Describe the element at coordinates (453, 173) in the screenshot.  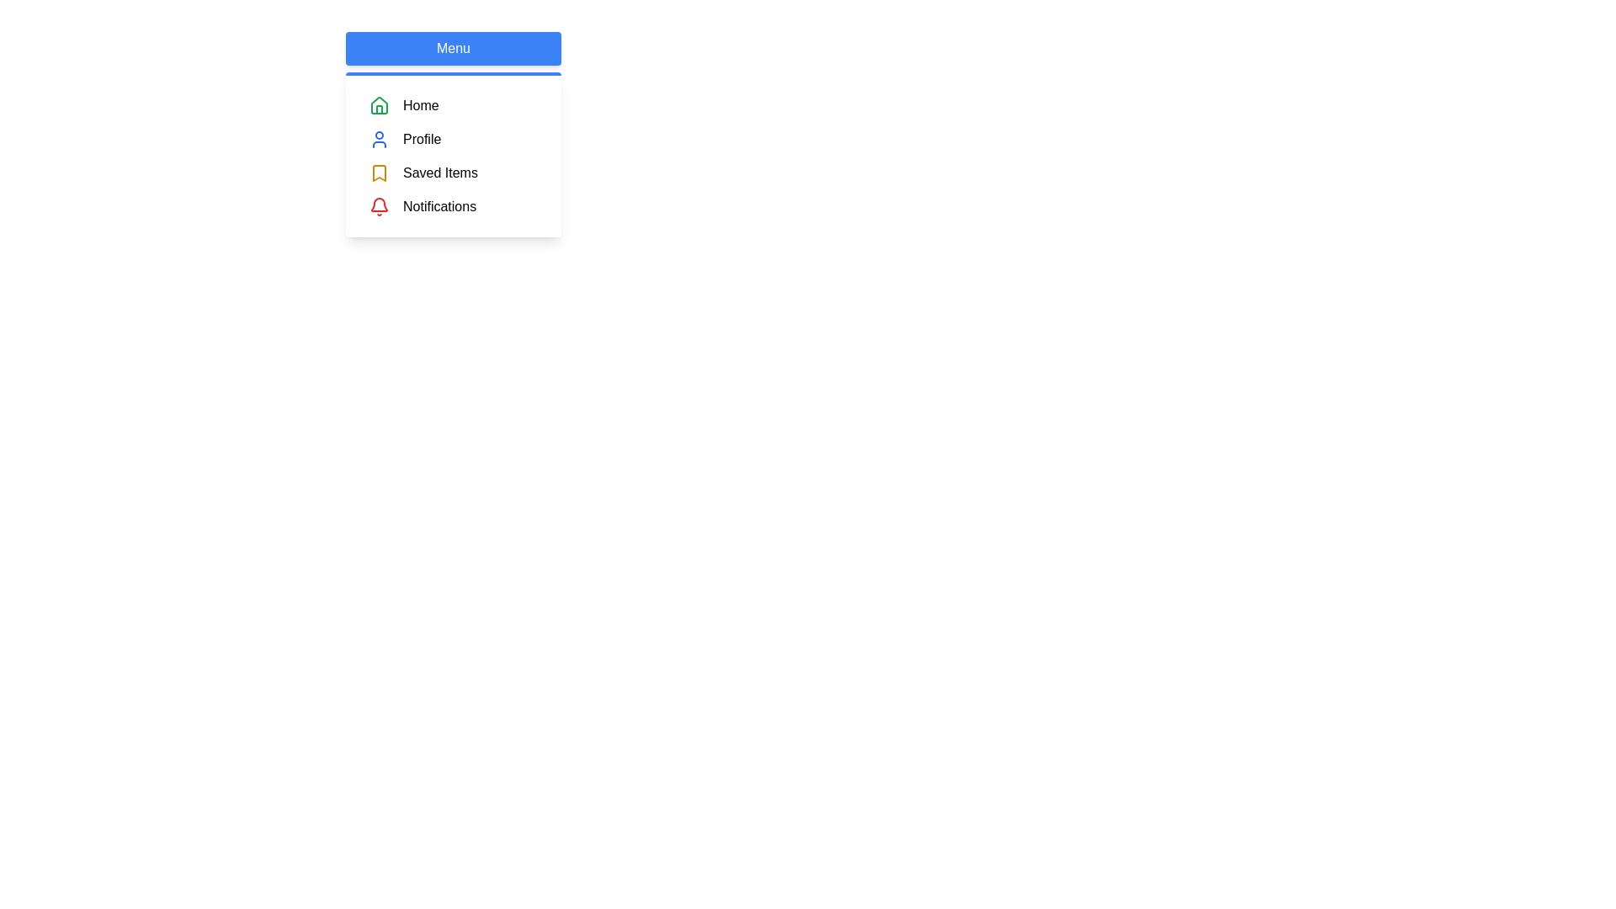
I see `the menu item Saved Items by clicking on its entry` at that location.